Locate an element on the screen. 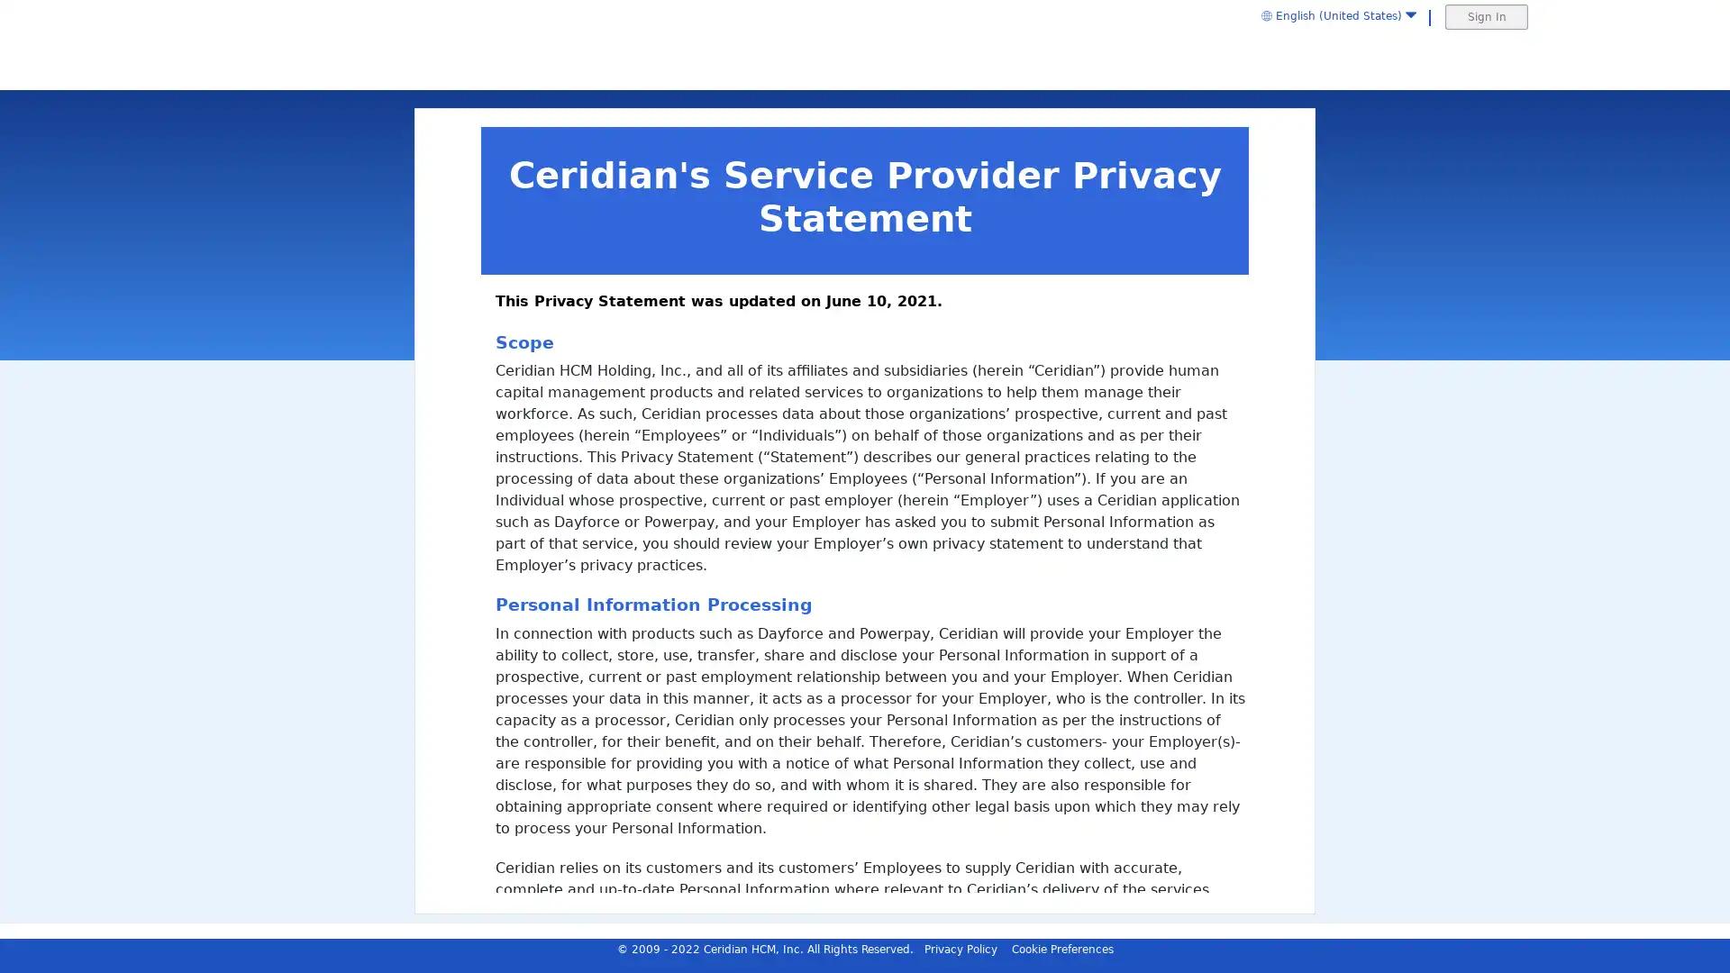 The width and height of the screenshot is (1730, 973). Sign In is located at coordinates (1487, 17).